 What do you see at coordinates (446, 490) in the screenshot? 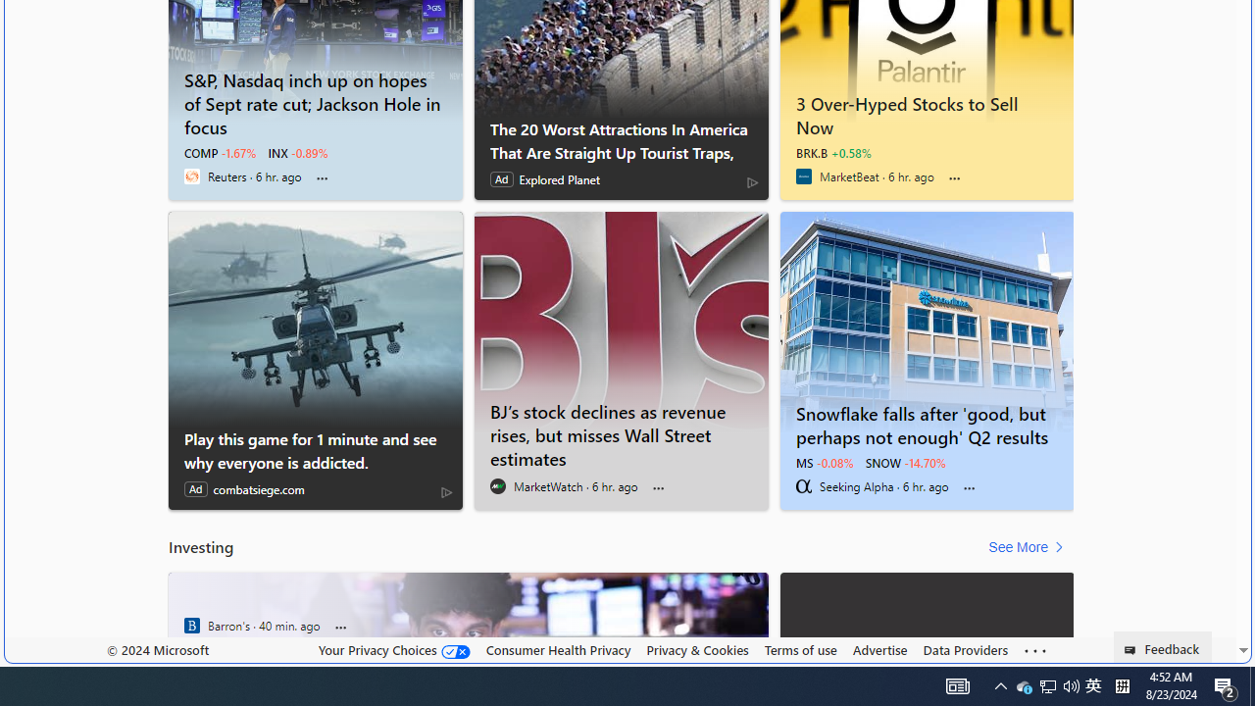
I see `'AdChoices'` at bounding box center [446, 490].